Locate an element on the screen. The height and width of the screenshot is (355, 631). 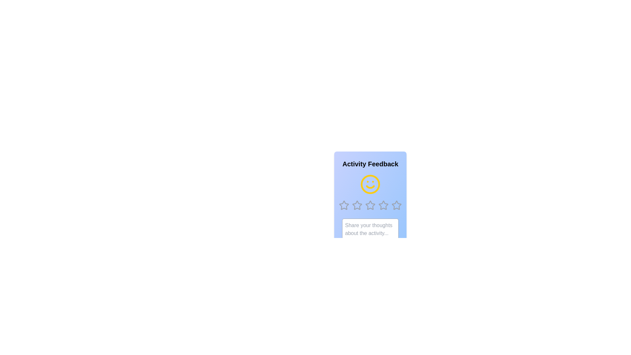
the first star-shaped icon in the rating section is located at coordinates (343, 205).